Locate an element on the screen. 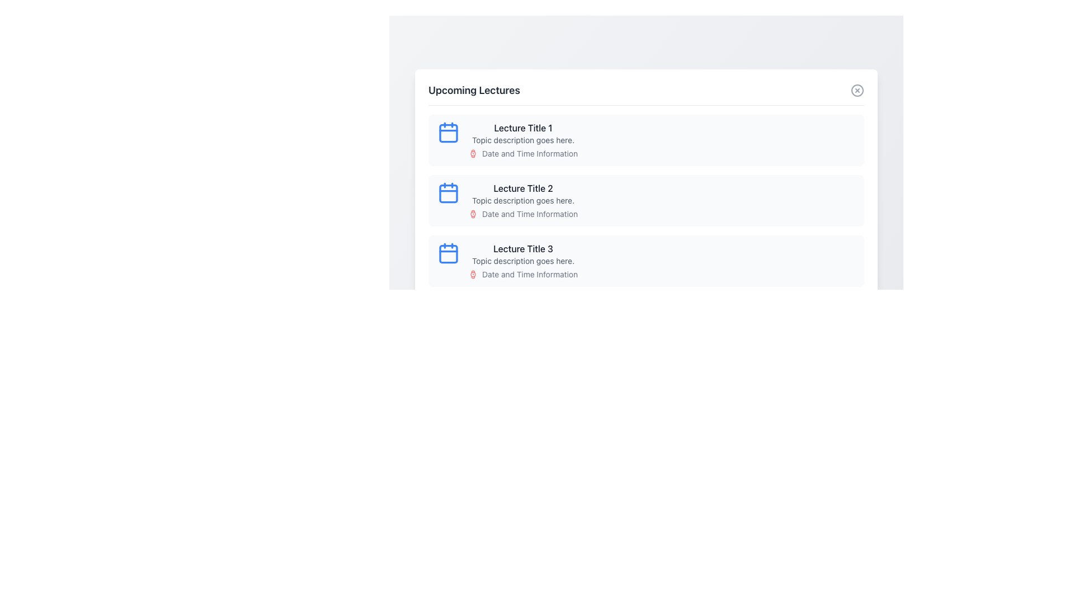 The image size is (1074, 604). assistive tools is located at coordinates (857, 90).